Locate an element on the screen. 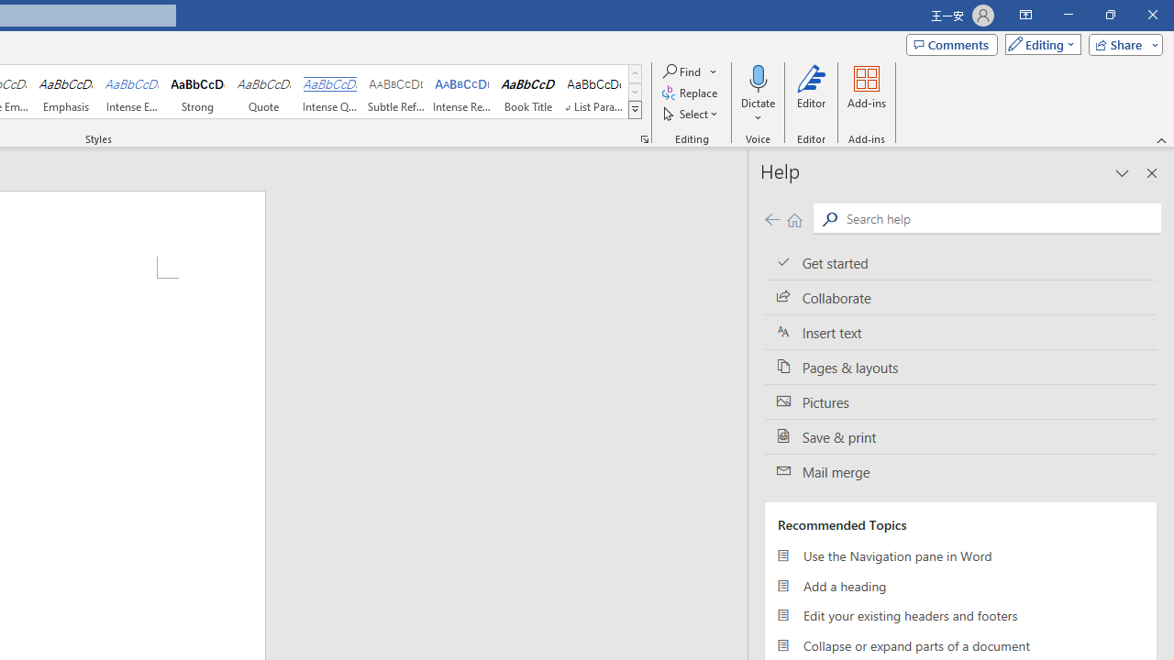 Image resolution: width=1174 pixels, height=660 pixels. 'Select' is located at coordinates (691, 114).